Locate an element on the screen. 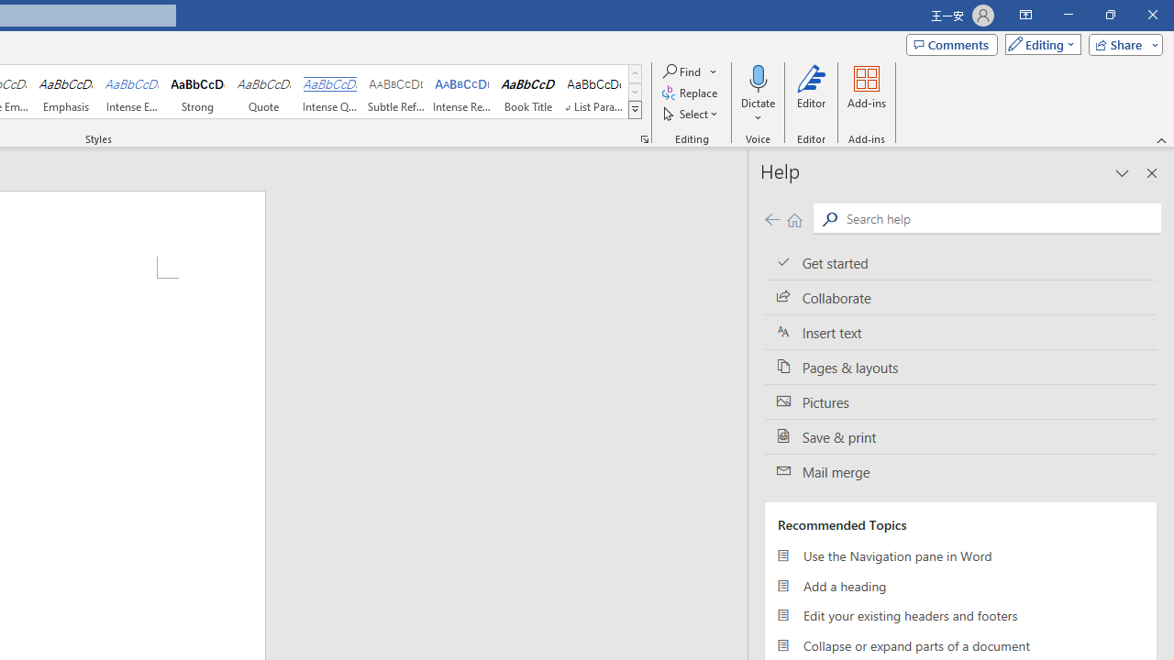 Image resolution: width=1174 pixels, height=660 pixels. 'Select' is located at coordinates (691, 114).